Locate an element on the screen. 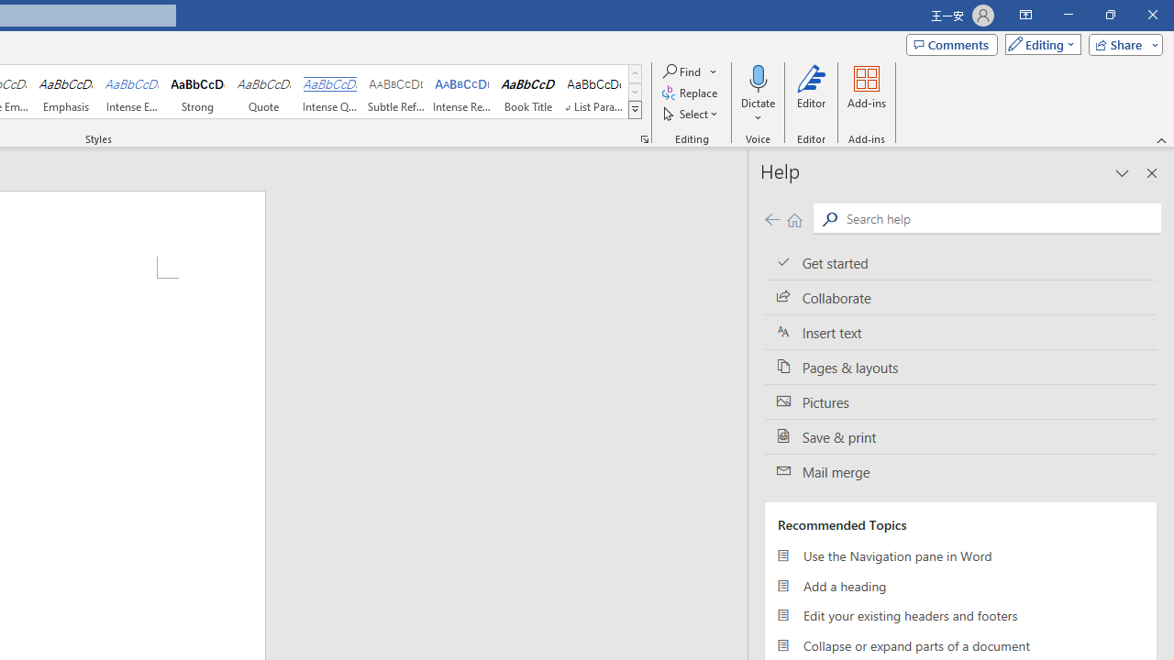 Image resolution: width=1174 pixels, height=660 pixels. 'Select' is located at coordinates (691, 114).